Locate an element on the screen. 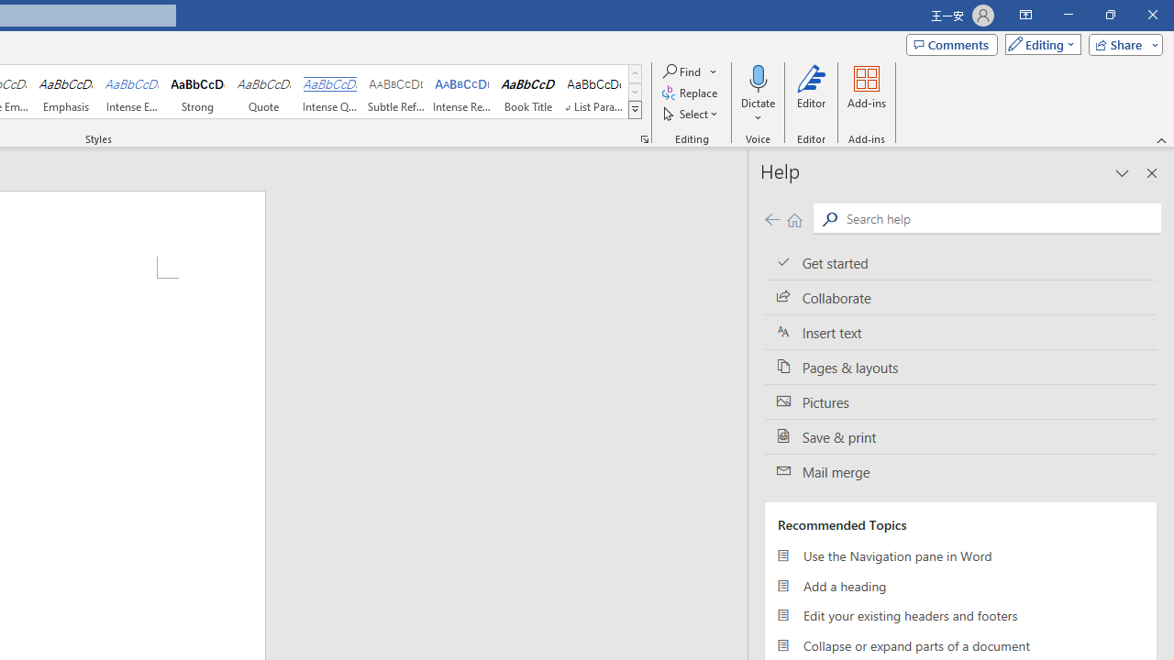 Image resolution: width=1174 pixels, height=660 pixels. 'Select' is located at coordinates (691, 114).